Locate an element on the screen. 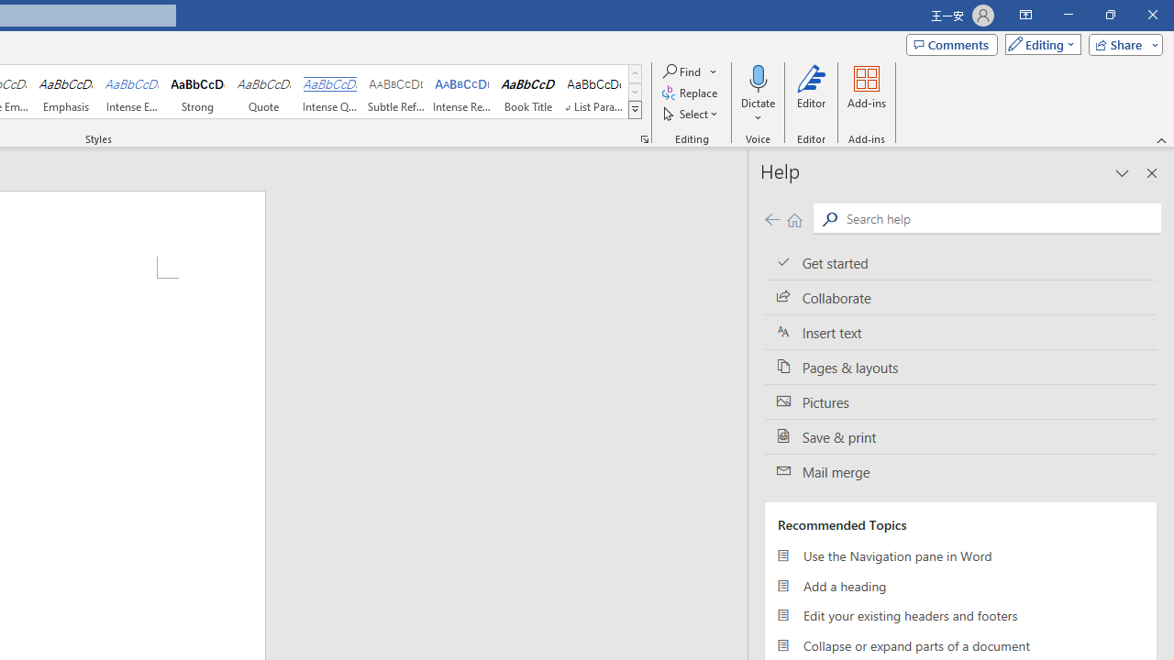 Image resolution: width=1174 pixels, height=660 pixels. 'Select' is located at coordinates (691, 114).